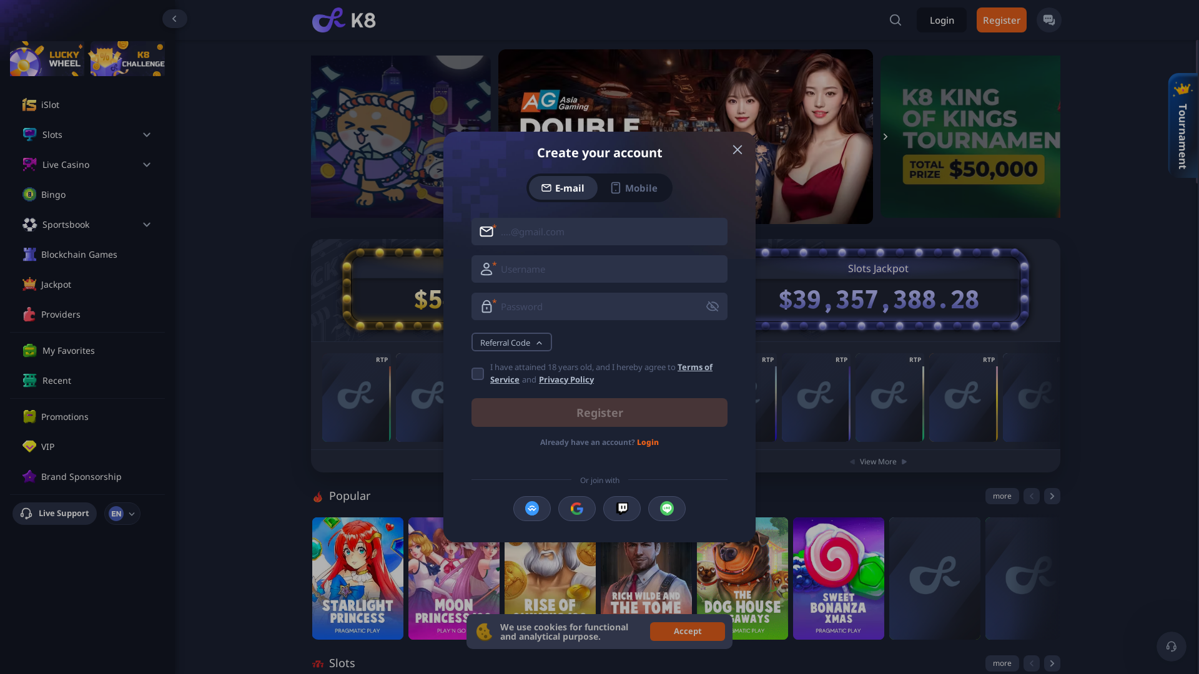  I want to click on 'Starlight Princess', so click(357, 578).